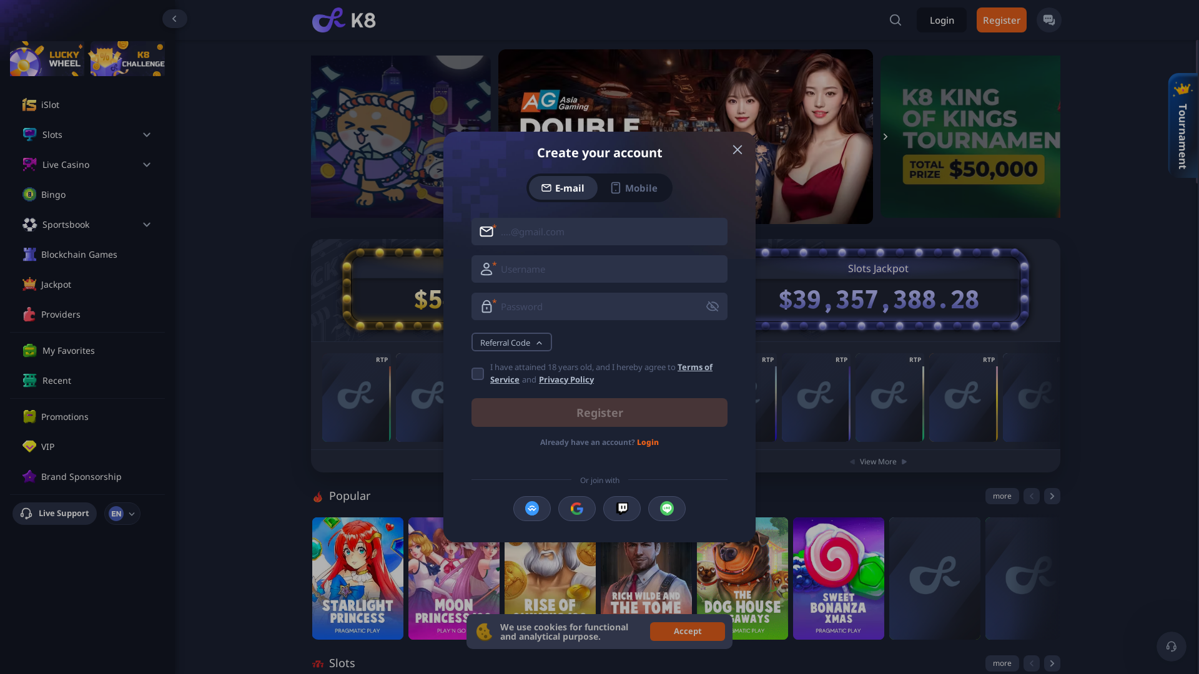  I want to click on 'Starlight Princess', so click(357, 578).